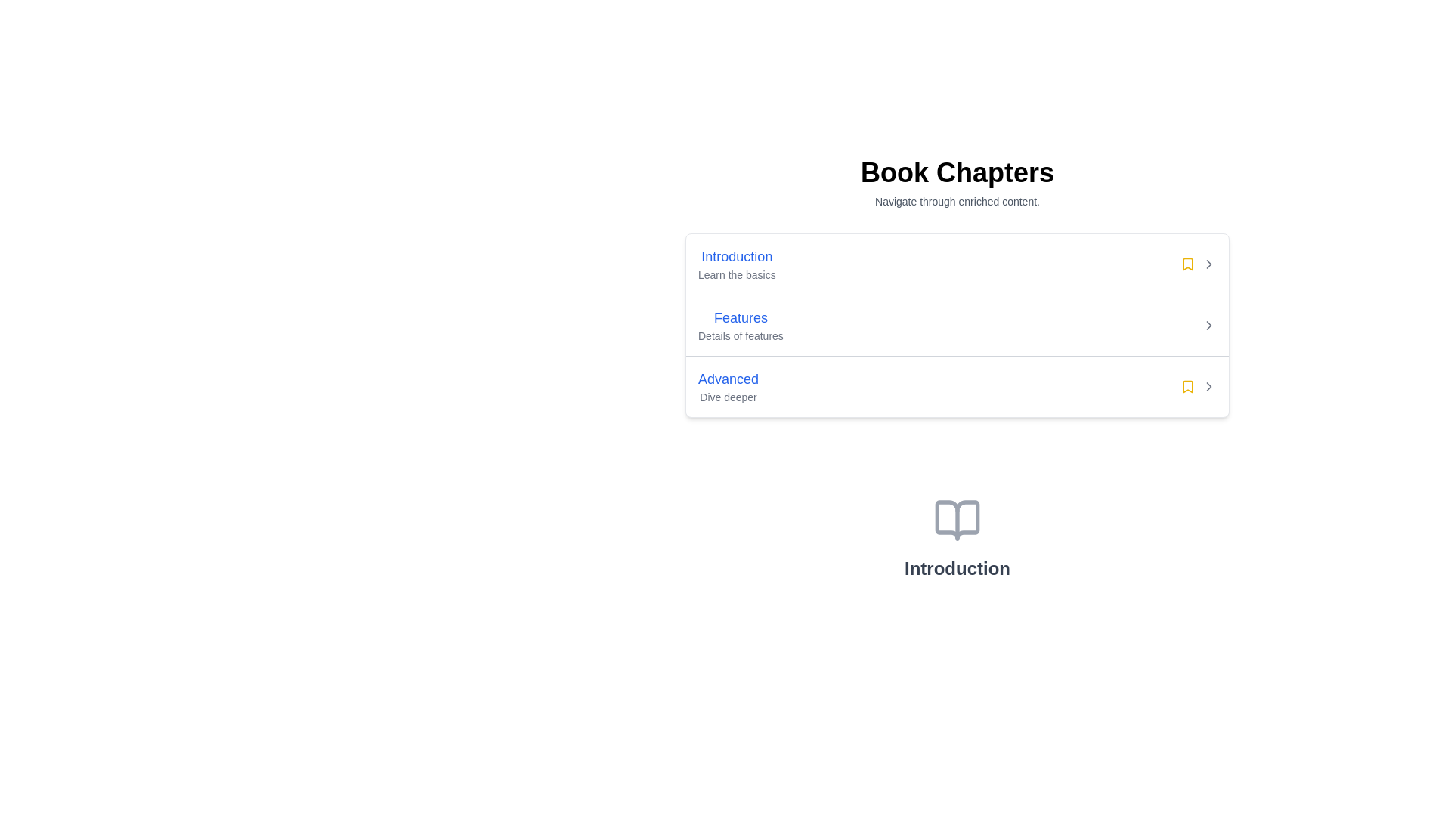 Image resolution: width=1451 pixels, height=816 pixels. What do you see at coordinates (737, 255) in the screenshot?
I see `the text link displaying 'Introduction', which is blue and underlined` at bounding box center [737, 255].